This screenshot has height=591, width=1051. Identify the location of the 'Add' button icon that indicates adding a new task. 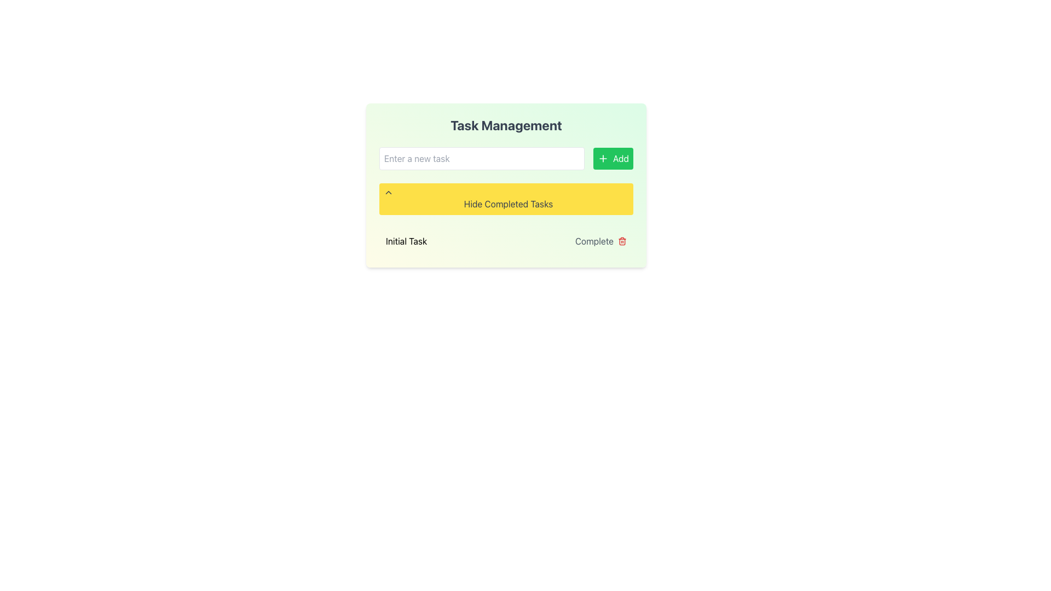
(602, 158).